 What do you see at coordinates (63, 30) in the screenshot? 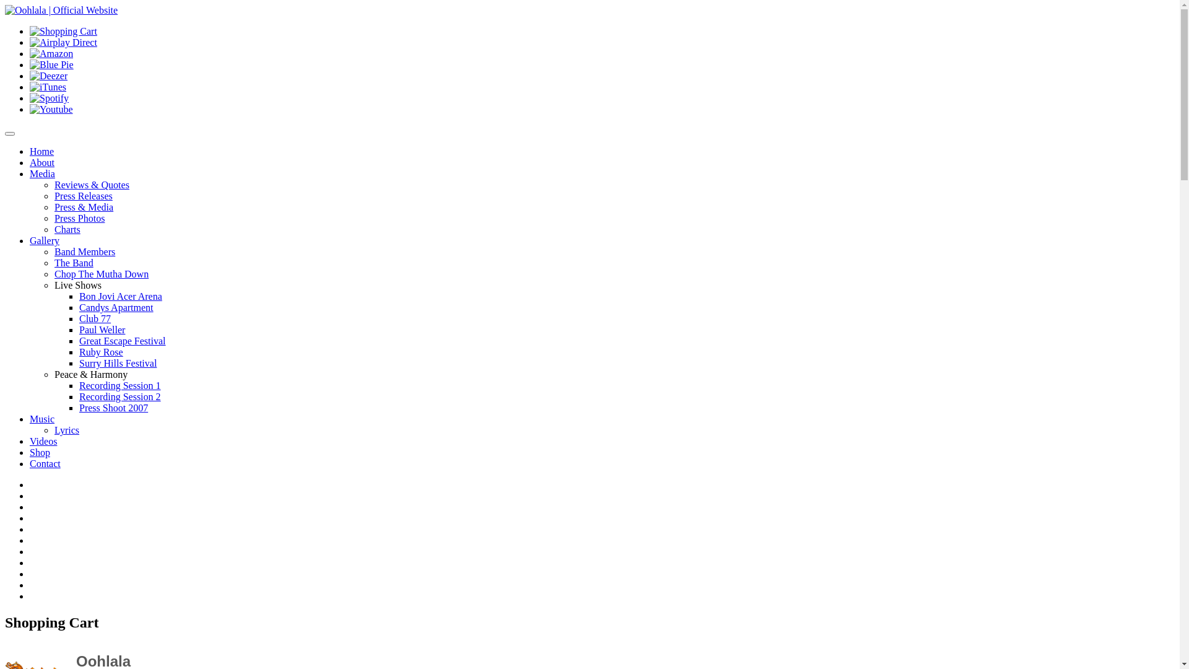
I see `'Shopping Cart'` at bounding box center [63, 30].